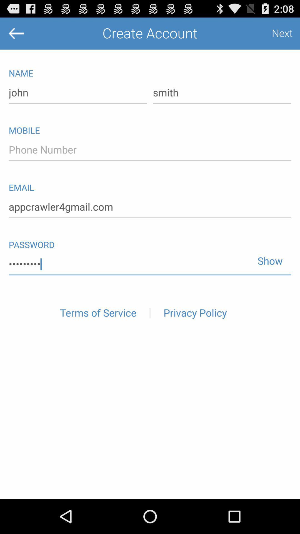 Image resolution: width=300 pixels, height=534 pixels. Describe the element at coordinates (276, 33) in the screenshot. I see `the item next to create account item` at that location.